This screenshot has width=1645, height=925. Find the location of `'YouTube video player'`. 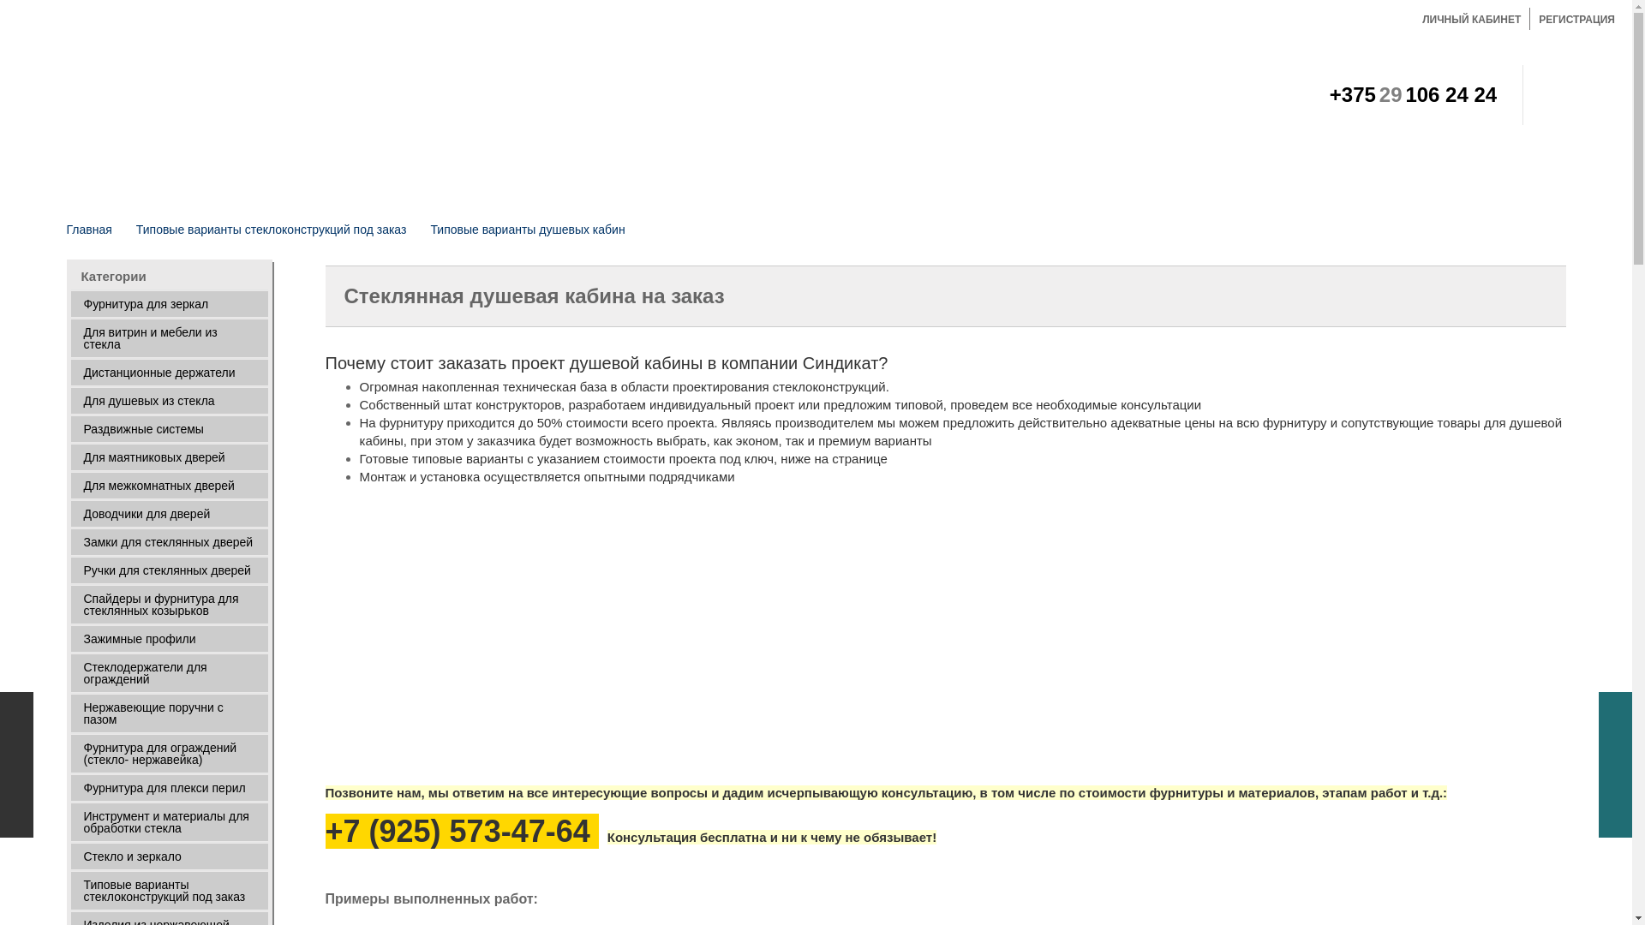

'YouTube video player' is located at coordinates (565, 635).